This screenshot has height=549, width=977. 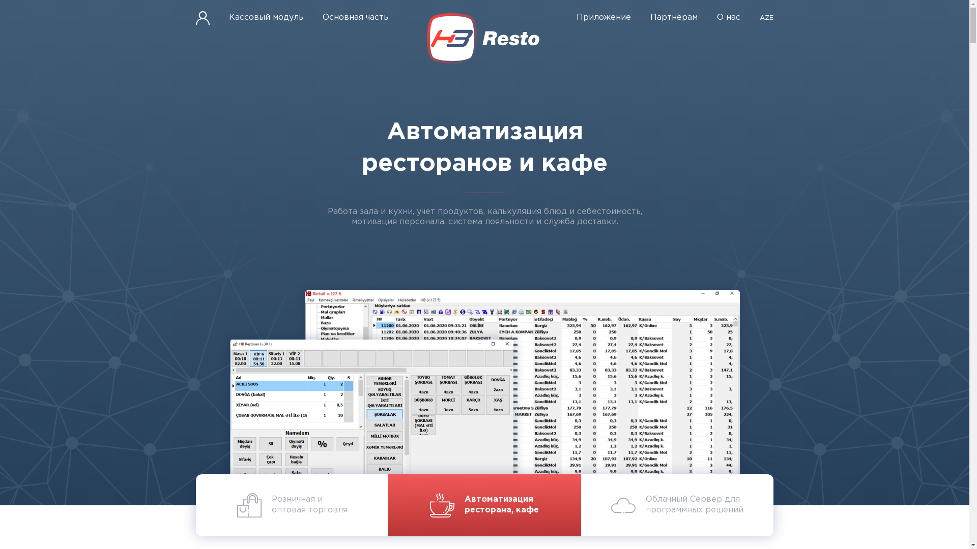 What do you see at coordinates (766, 18) in the screenshot?
I see `'AZE'` at bounding box center [766, 18].